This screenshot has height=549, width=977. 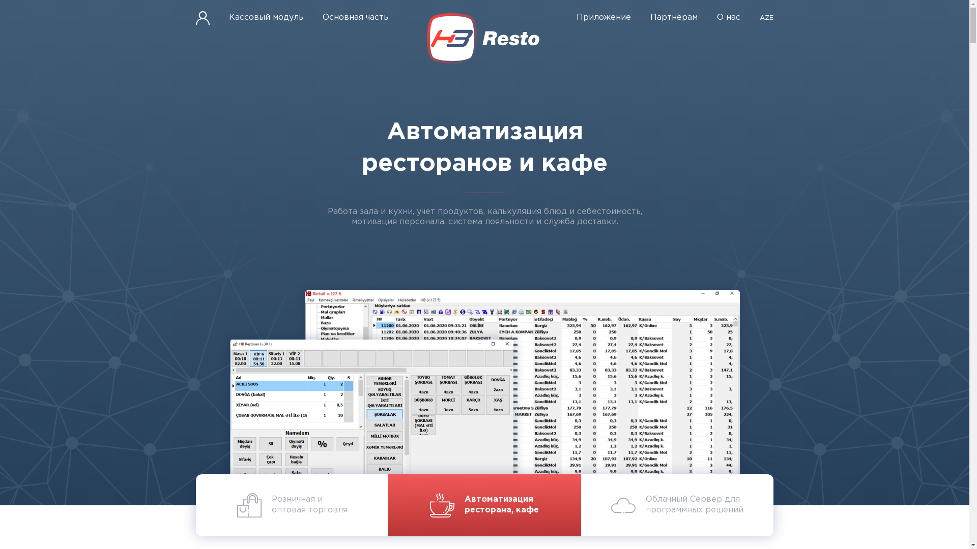 What do you see at coordinates (766, 18) in the screenshot?
I see `'AZE'` at bounding box center [766, 18].